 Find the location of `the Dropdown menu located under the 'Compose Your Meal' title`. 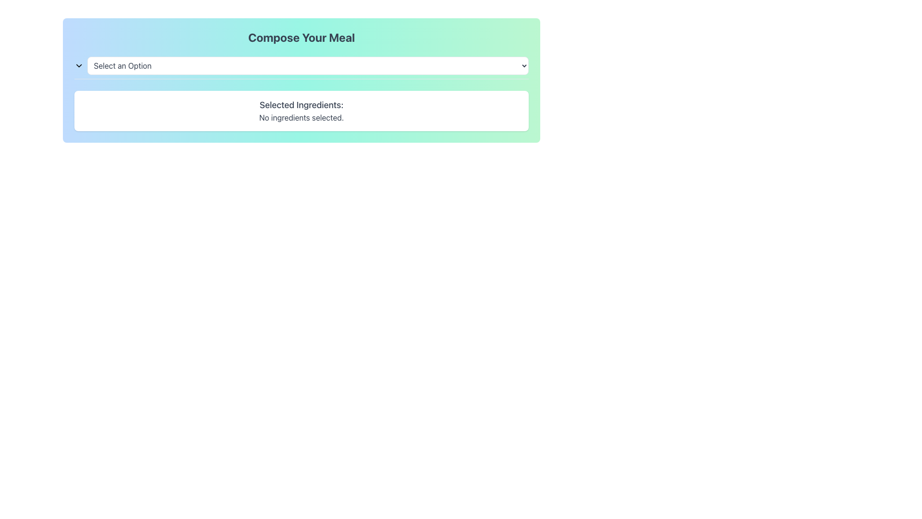

the Dropdown menu located under the 'Compose Your Meal' title is located at coordinates (308, 65).